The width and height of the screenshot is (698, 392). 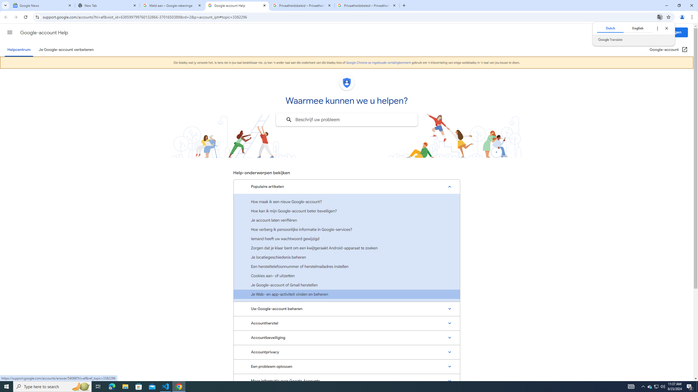 I want to click on 'Een hersteltelefoonnummer of herstelmailadres instellen', so click(x=347, y=266).